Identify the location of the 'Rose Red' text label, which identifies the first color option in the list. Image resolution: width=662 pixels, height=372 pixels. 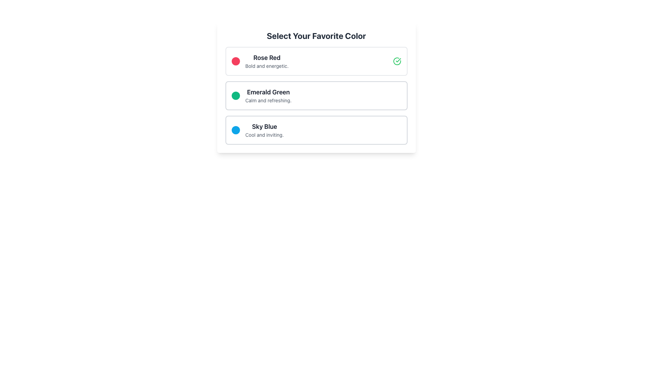
(267, 58).